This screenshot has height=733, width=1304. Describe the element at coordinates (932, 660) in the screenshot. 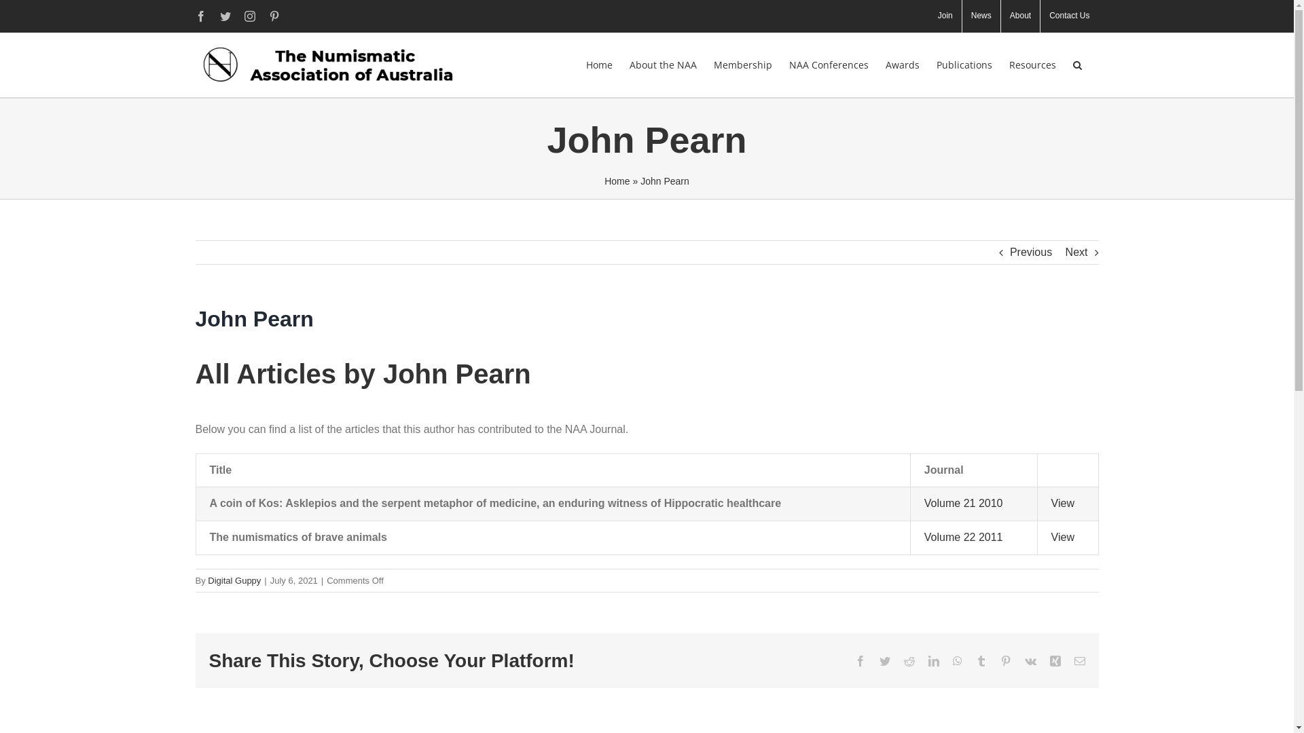

I see `'LinkedIn'` at that location.